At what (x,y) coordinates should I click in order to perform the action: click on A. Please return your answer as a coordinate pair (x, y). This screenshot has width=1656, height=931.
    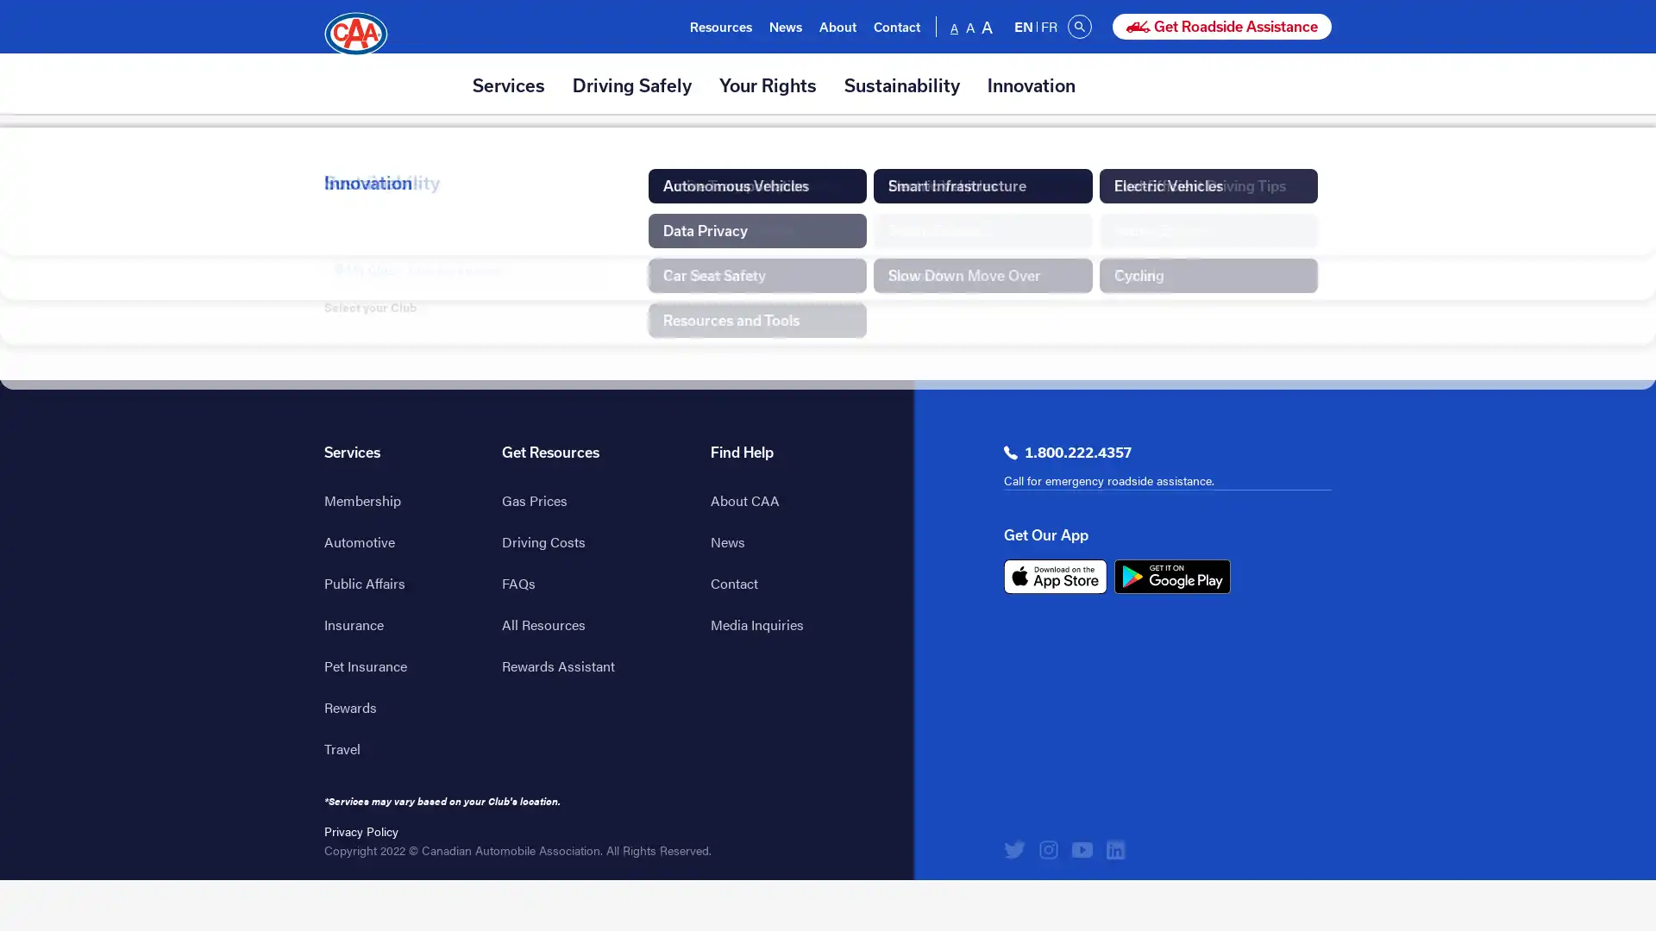
    Looking at the image, I should click on (954, 26).